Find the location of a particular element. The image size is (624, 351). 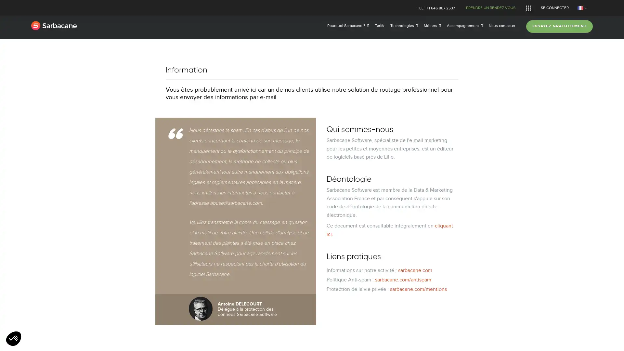

Non merci is located at coordinates (260, 220).